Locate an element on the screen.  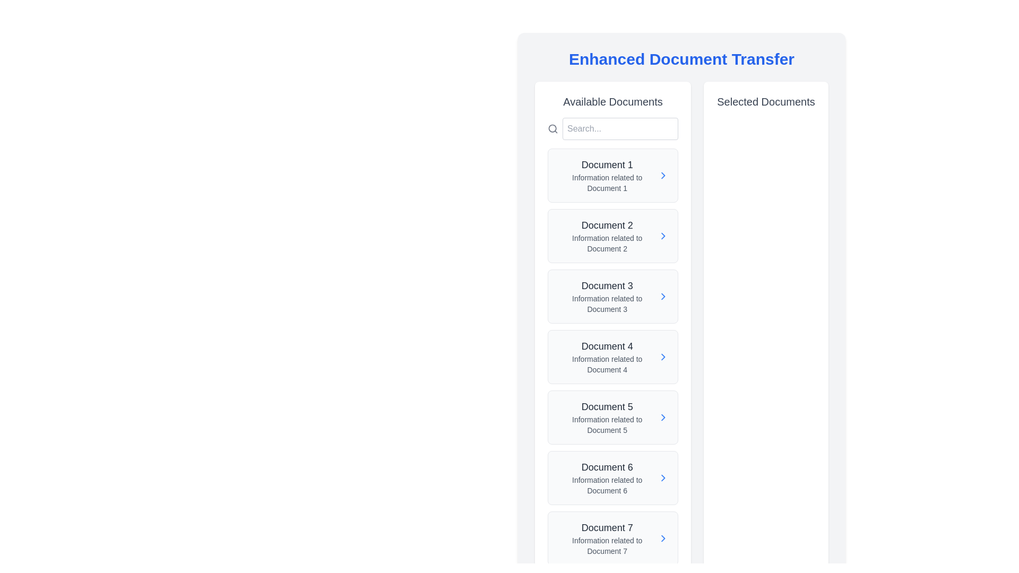
the chevron icon within the 'Document 6' entry in the list of available documents is located at coordinates (662, 478).